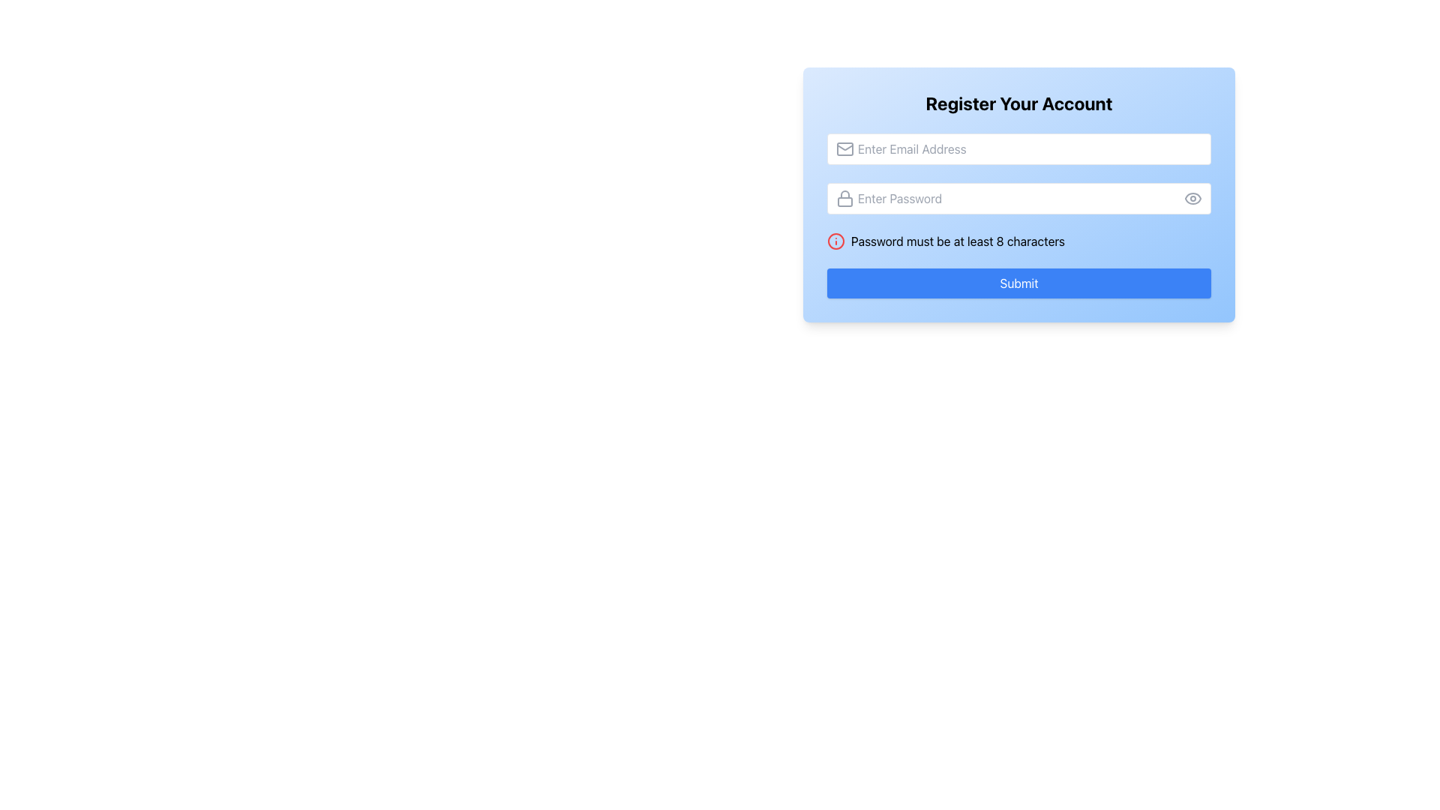 This screenshot has height=810, width=1440. What do you see at coordinates (835, 240) in the screenshot?
I see `the informational icon located to the left of the 'Password must be at least 8 characters' message` at bounding box center [835, 240].